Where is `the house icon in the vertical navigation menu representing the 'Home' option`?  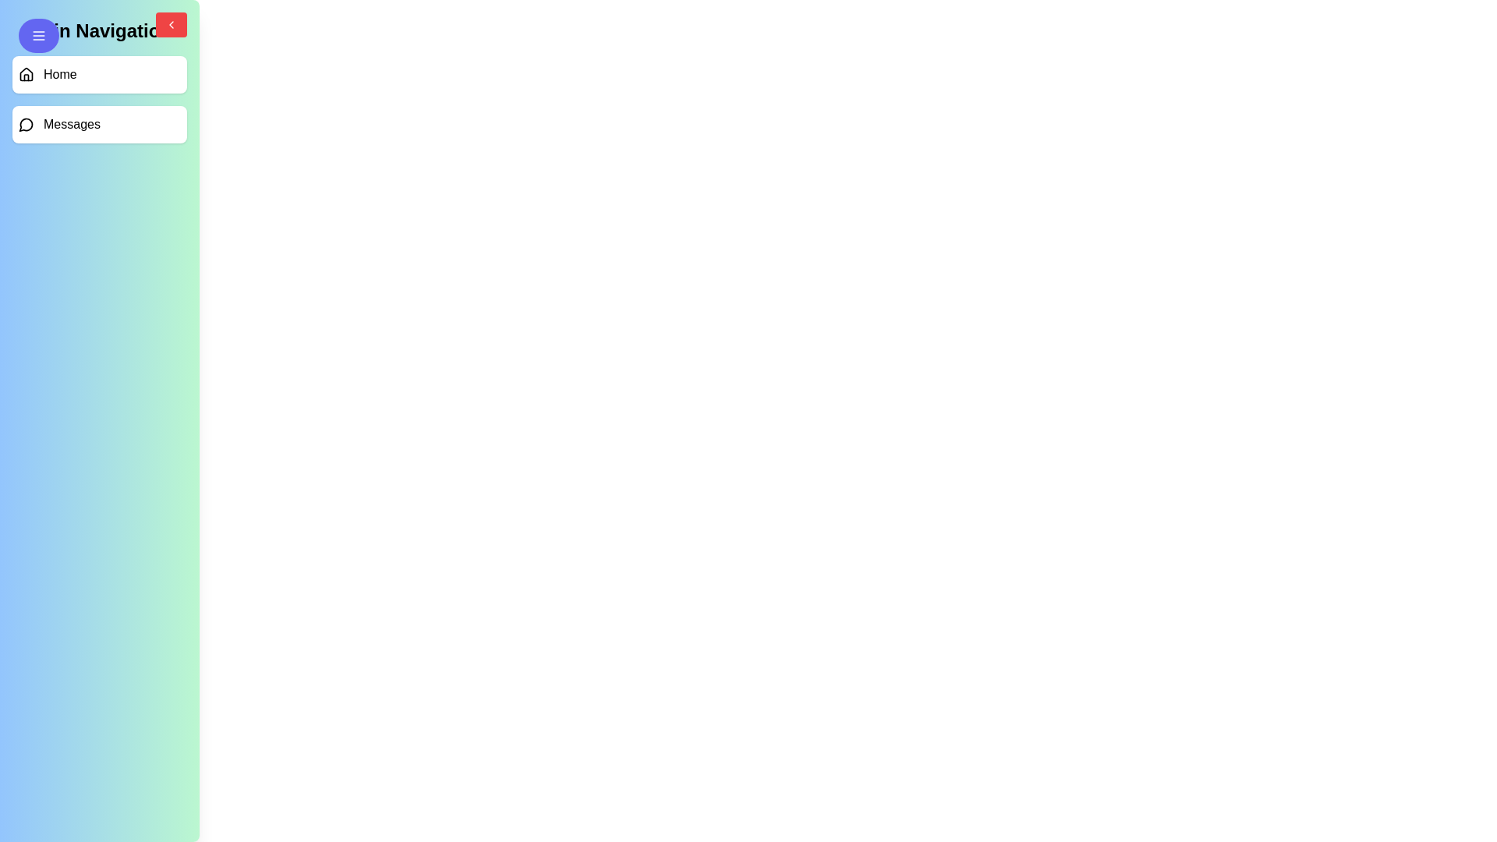
the house icon in the vertical navigation menu representing the 'Home' option is located at coordinates (26, 74).